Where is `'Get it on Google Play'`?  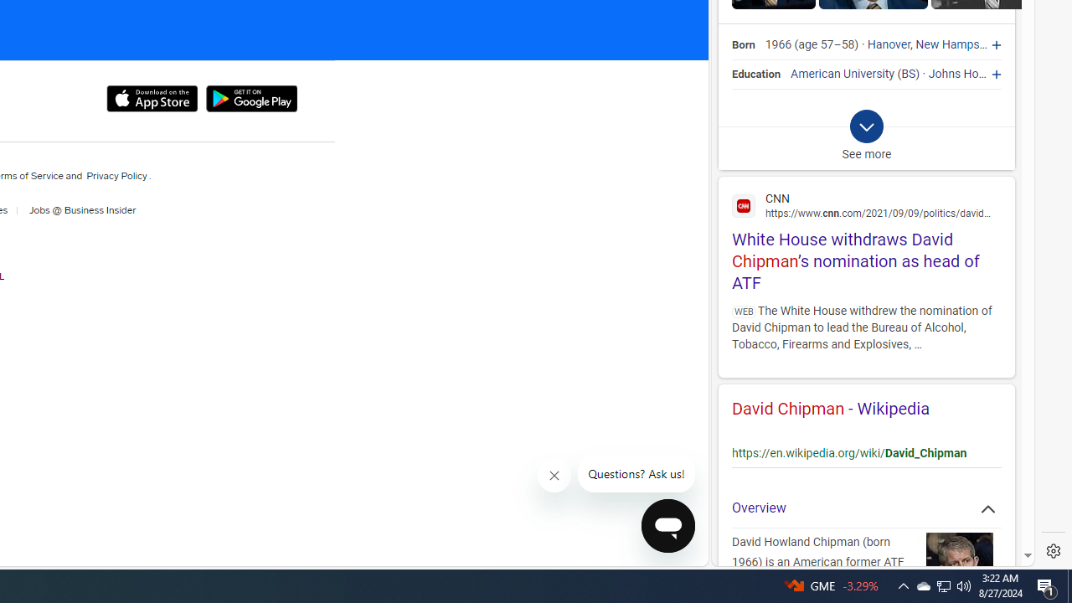
'Get it on Google Play' is located at coordinates (250, 99).